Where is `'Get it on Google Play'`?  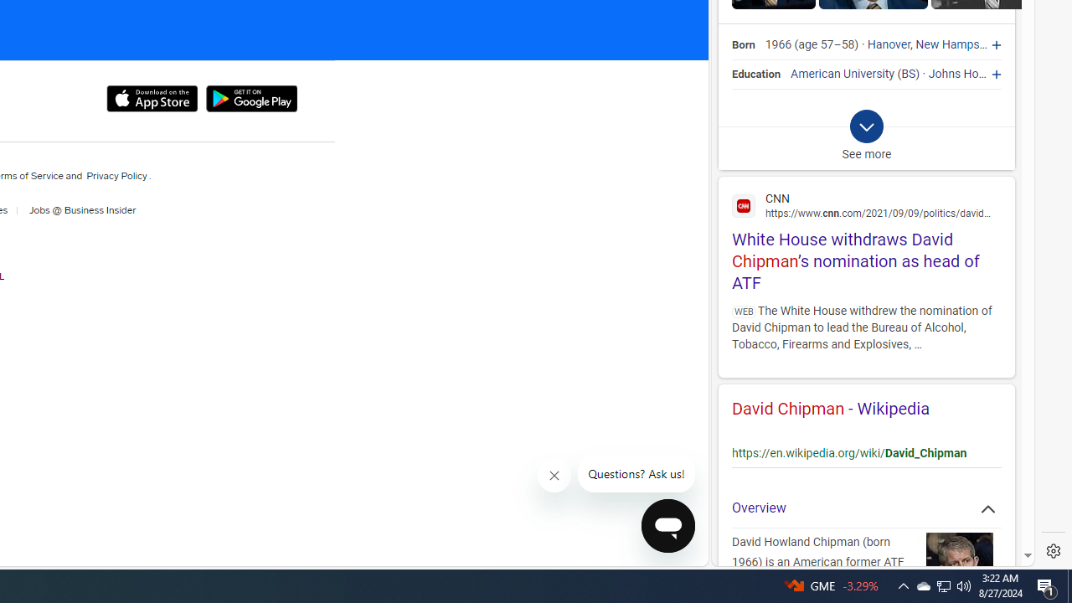
'Get it on Google Play' is located at coordinates (250, 99).